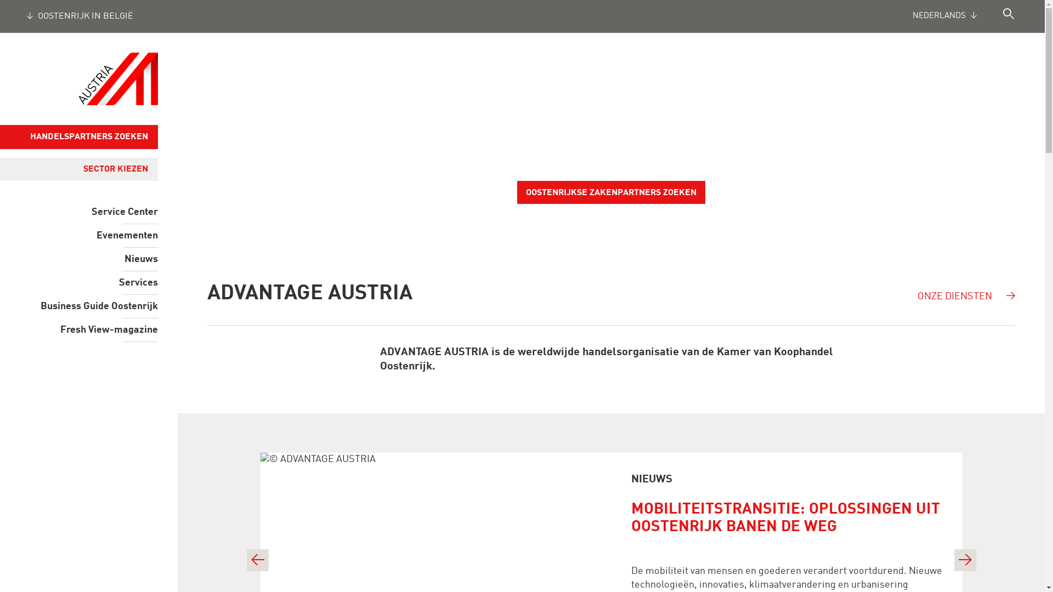 The height and width of the screenshot is (592, 1053). What do you see at coordinates (78, 306) in the screenshot?
I see `'Business Guide Oostenrijk'` at bounding box center [78, 306].